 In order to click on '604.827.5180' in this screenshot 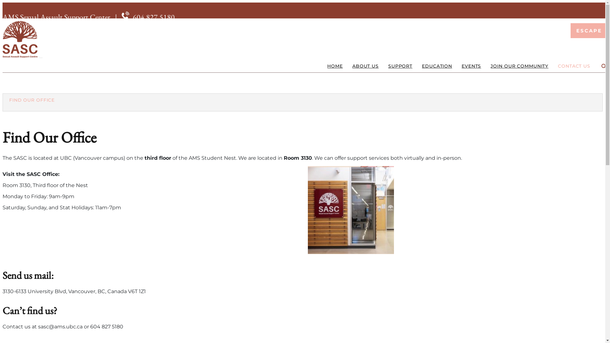, I will do `click(154, 17)`.